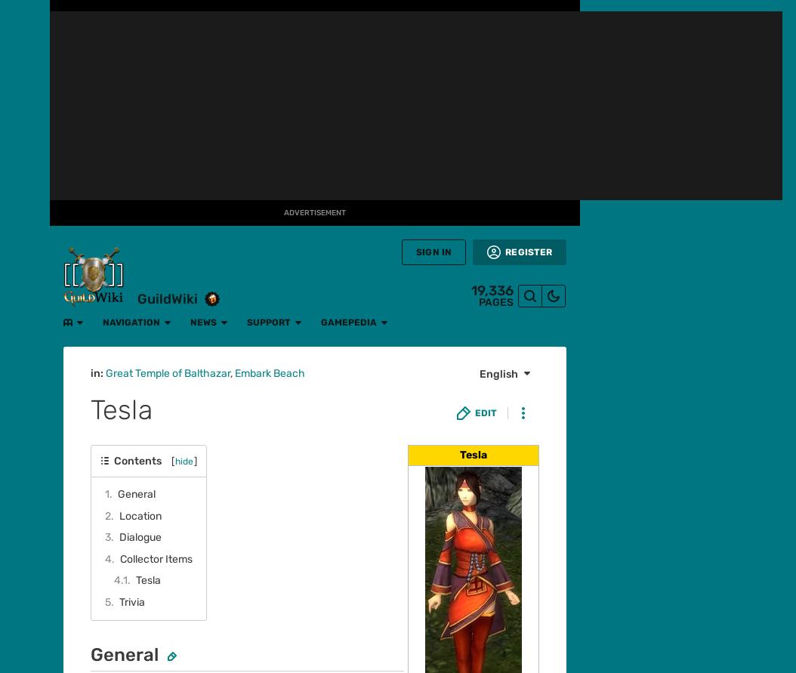 Image resolution: width=796 pixels, height=673 pixels. What do you see at coordinates (24, 270) in the screenshot?
I see `'Anime'` at bounding box center [24, 270].